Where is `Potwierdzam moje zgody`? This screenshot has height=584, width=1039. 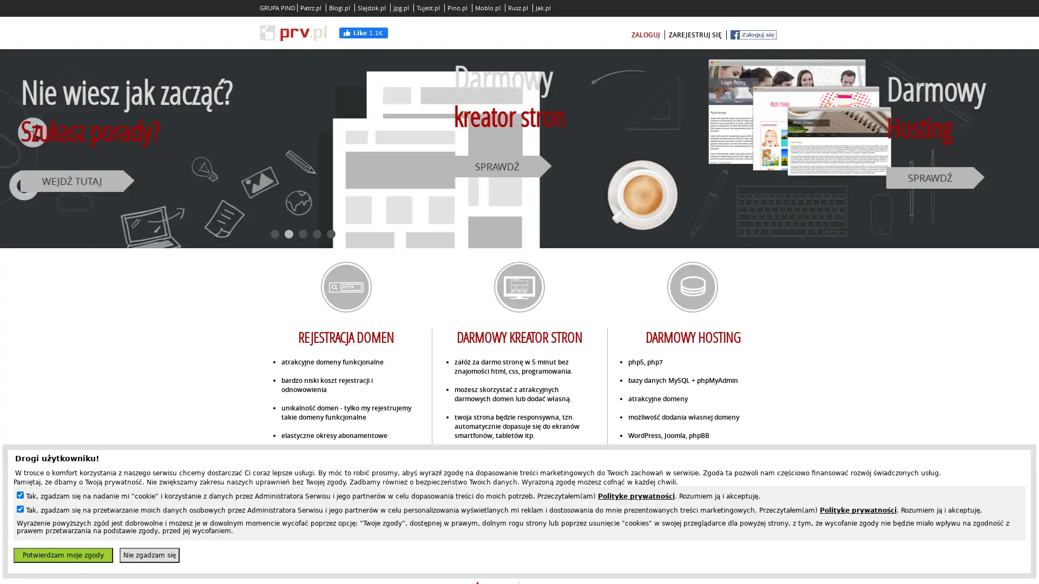
Potwierdzam moje zgody is located at coordinates (62, 555).